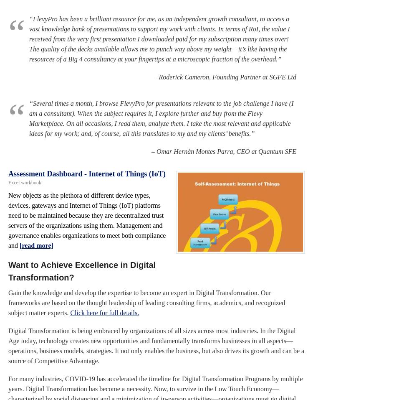 The width and height of the screenshot is (409, 400). What do you see at coordinates (8, 173) in the screenshot?
I see `'Assessment Dashboard - Internet of Things (IoT)'` at bounding box center [8, 173].